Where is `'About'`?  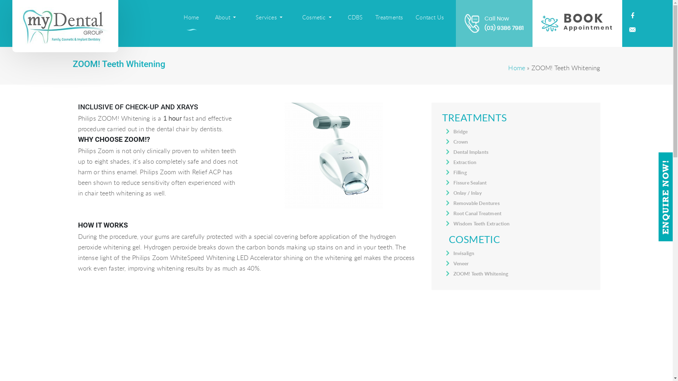 'About' is located at coordinates (225, 17).